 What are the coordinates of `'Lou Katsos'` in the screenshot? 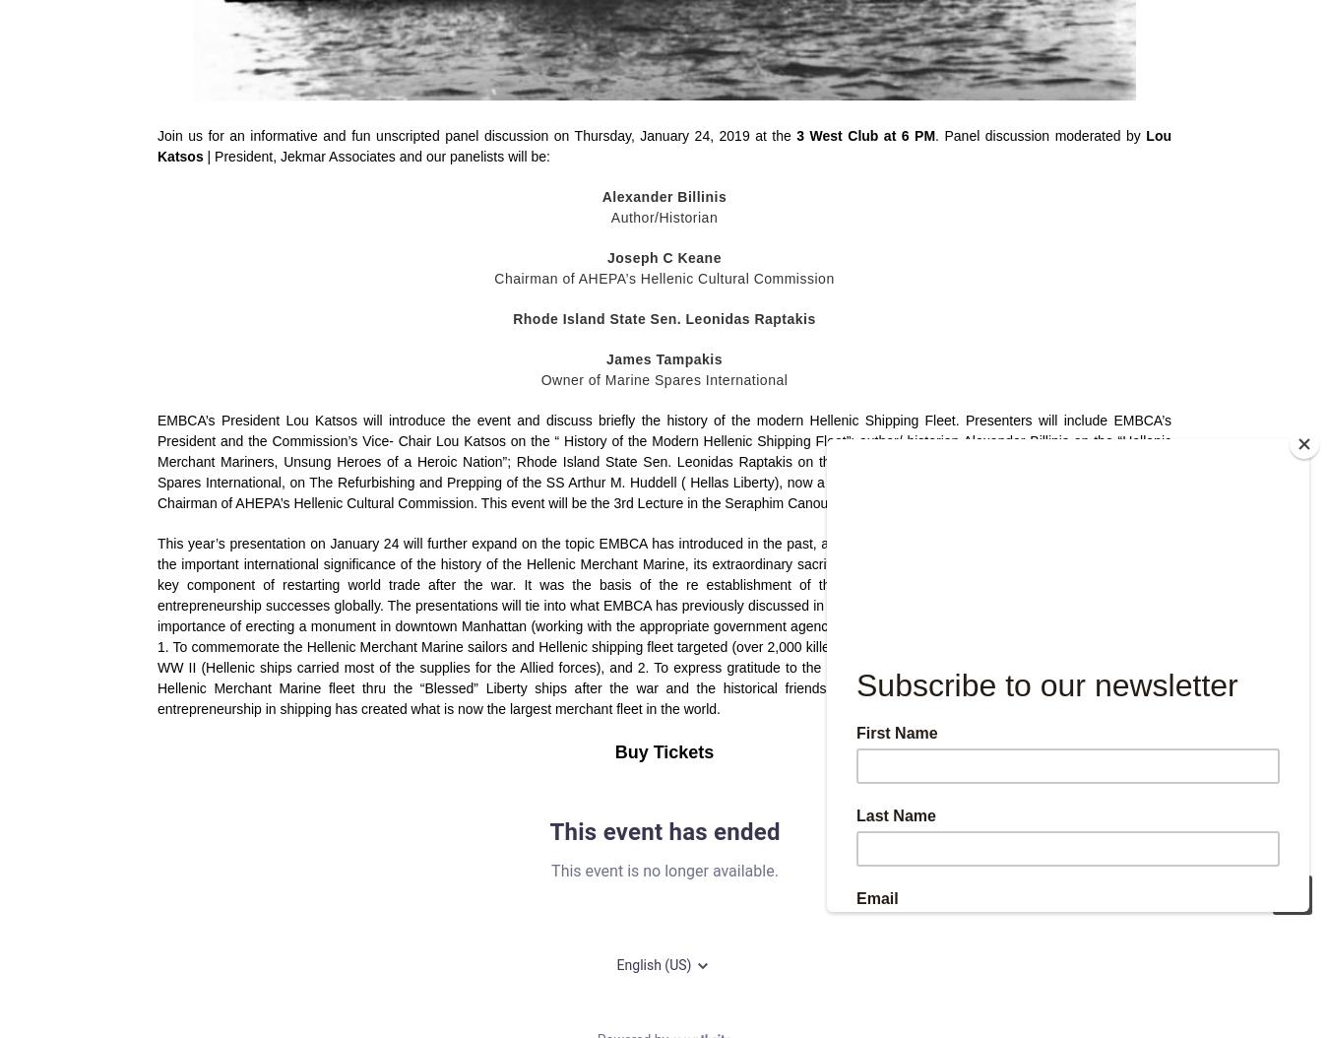 It's located at (664, 145).